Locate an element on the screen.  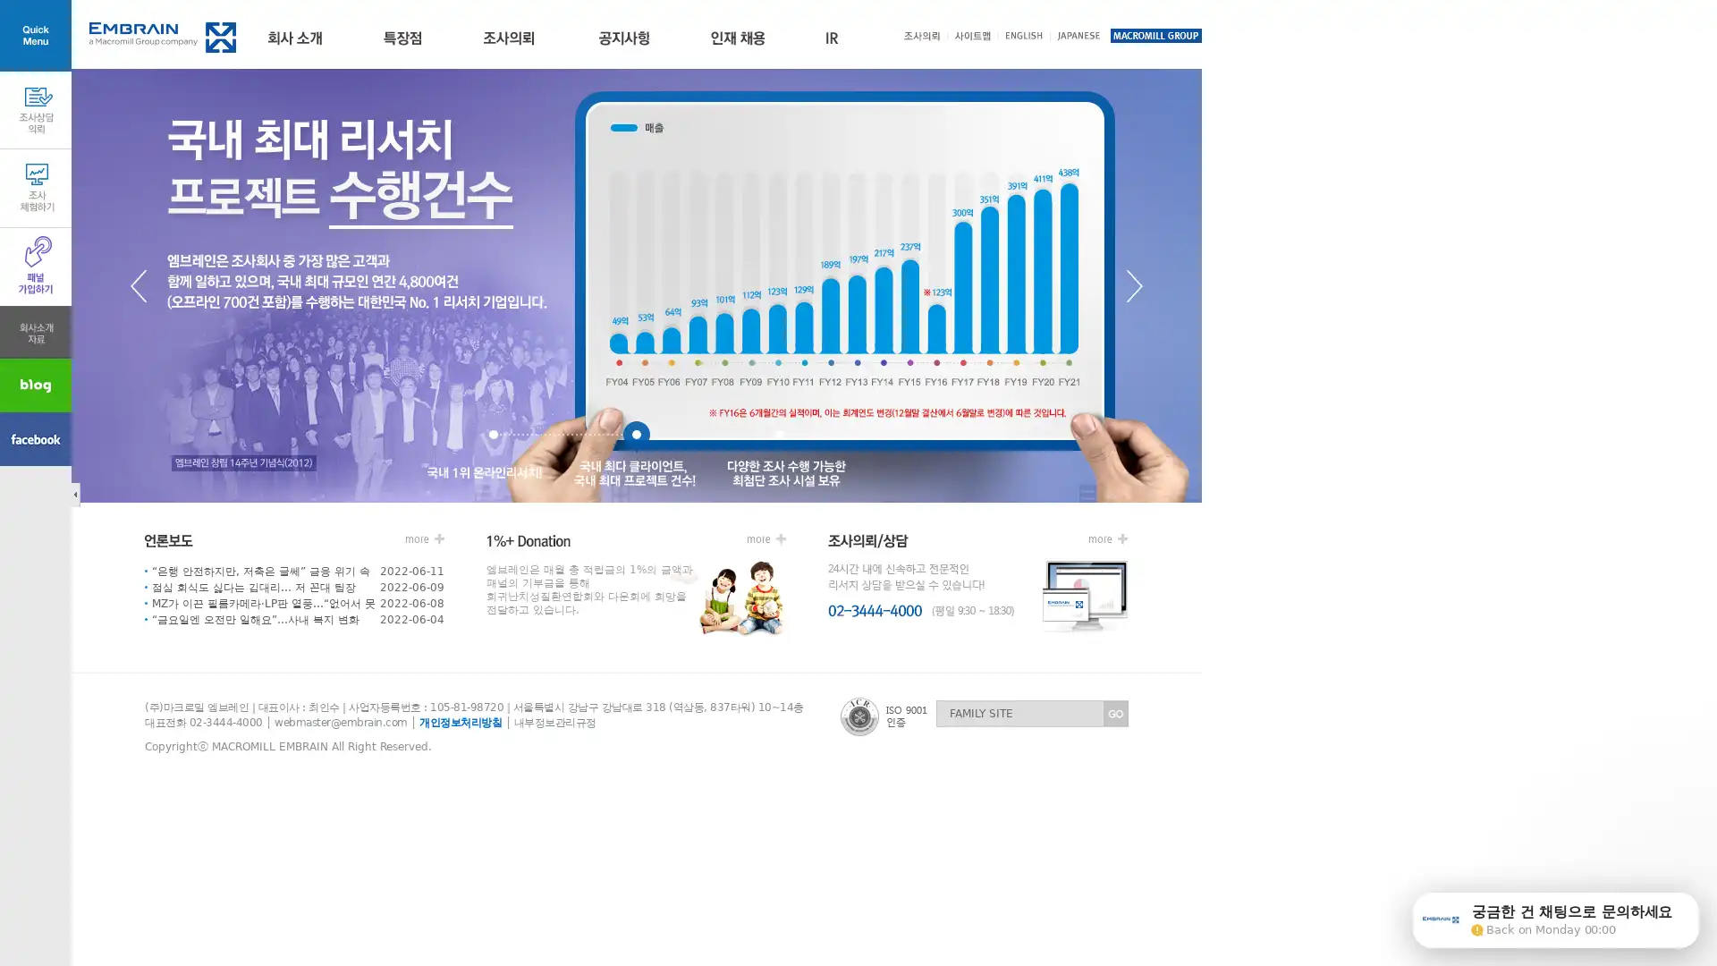
Next is located at coordinates (1133, 284).